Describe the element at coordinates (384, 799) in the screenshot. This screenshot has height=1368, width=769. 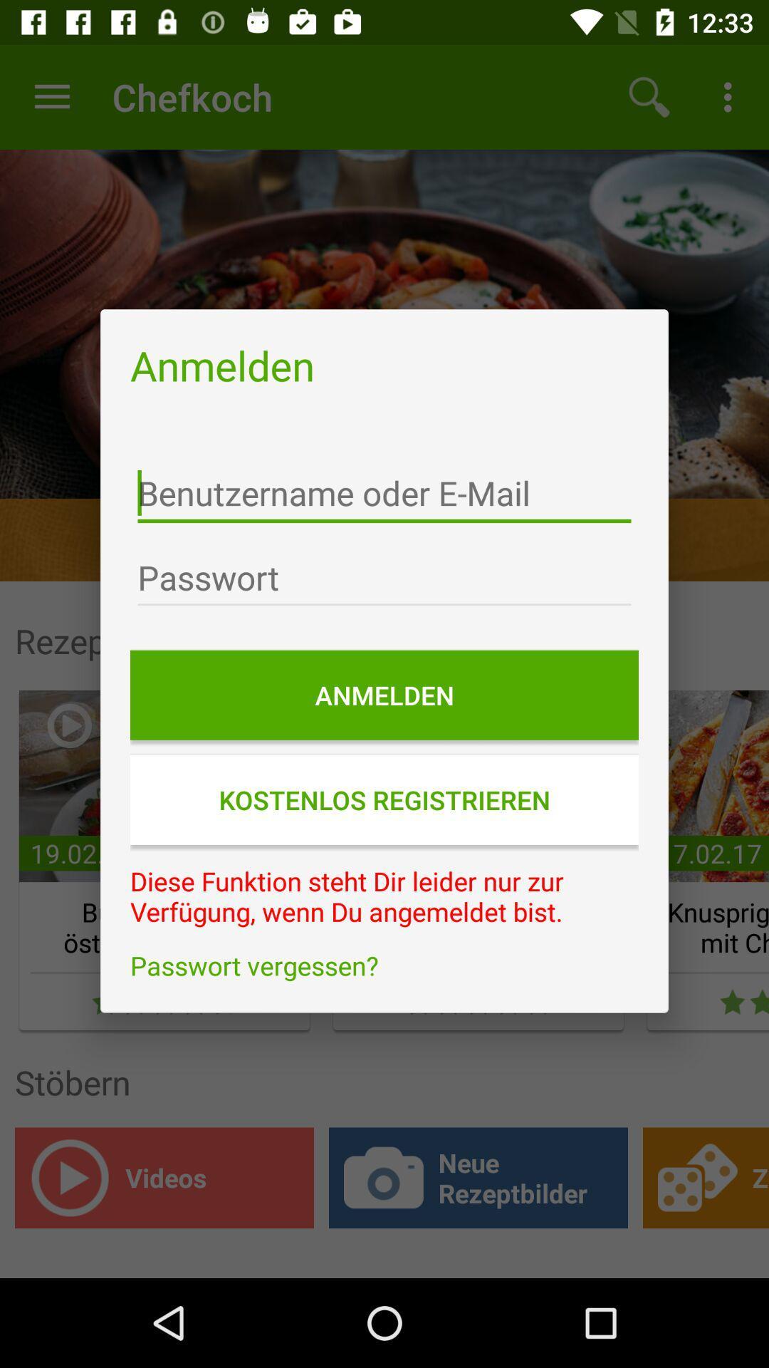
I see `the kostenlos registrieren` at that location.